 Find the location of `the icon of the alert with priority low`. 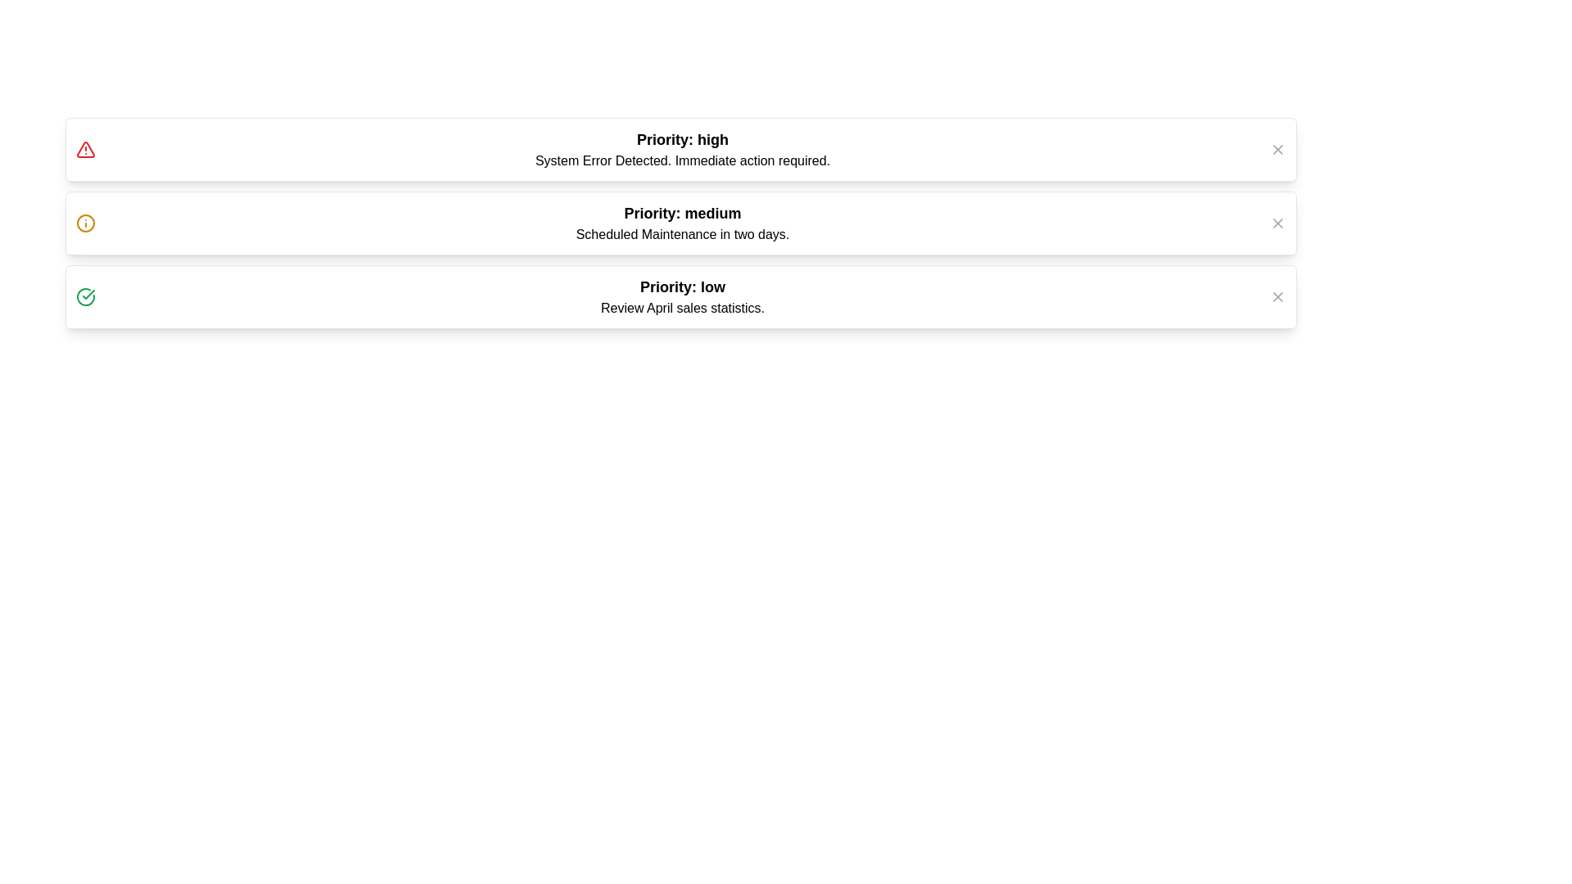

the icon of the alert with priority low is located at coordinates (85, 296).